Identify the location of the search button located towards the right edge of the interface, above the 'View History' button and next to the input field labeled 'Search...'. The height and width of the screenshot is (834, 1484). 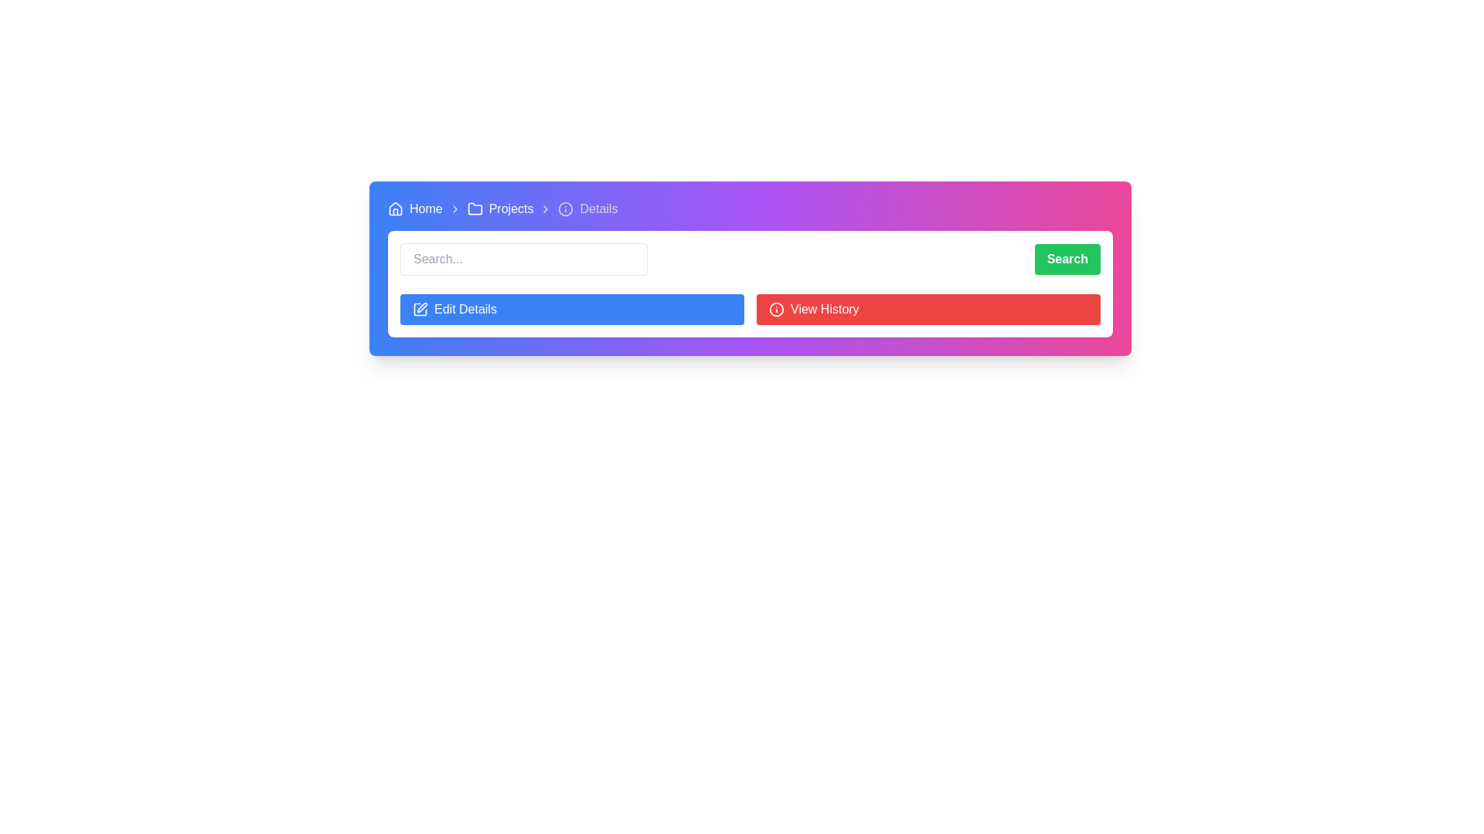
(1067, 258).